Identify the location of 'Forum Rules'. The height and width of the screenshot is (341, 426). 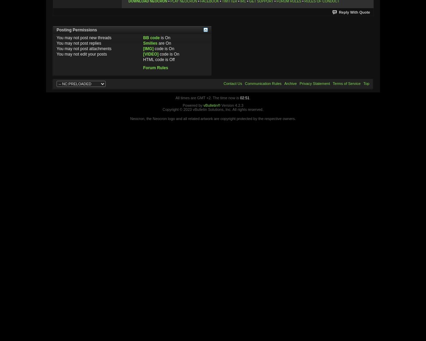
(155, 67).